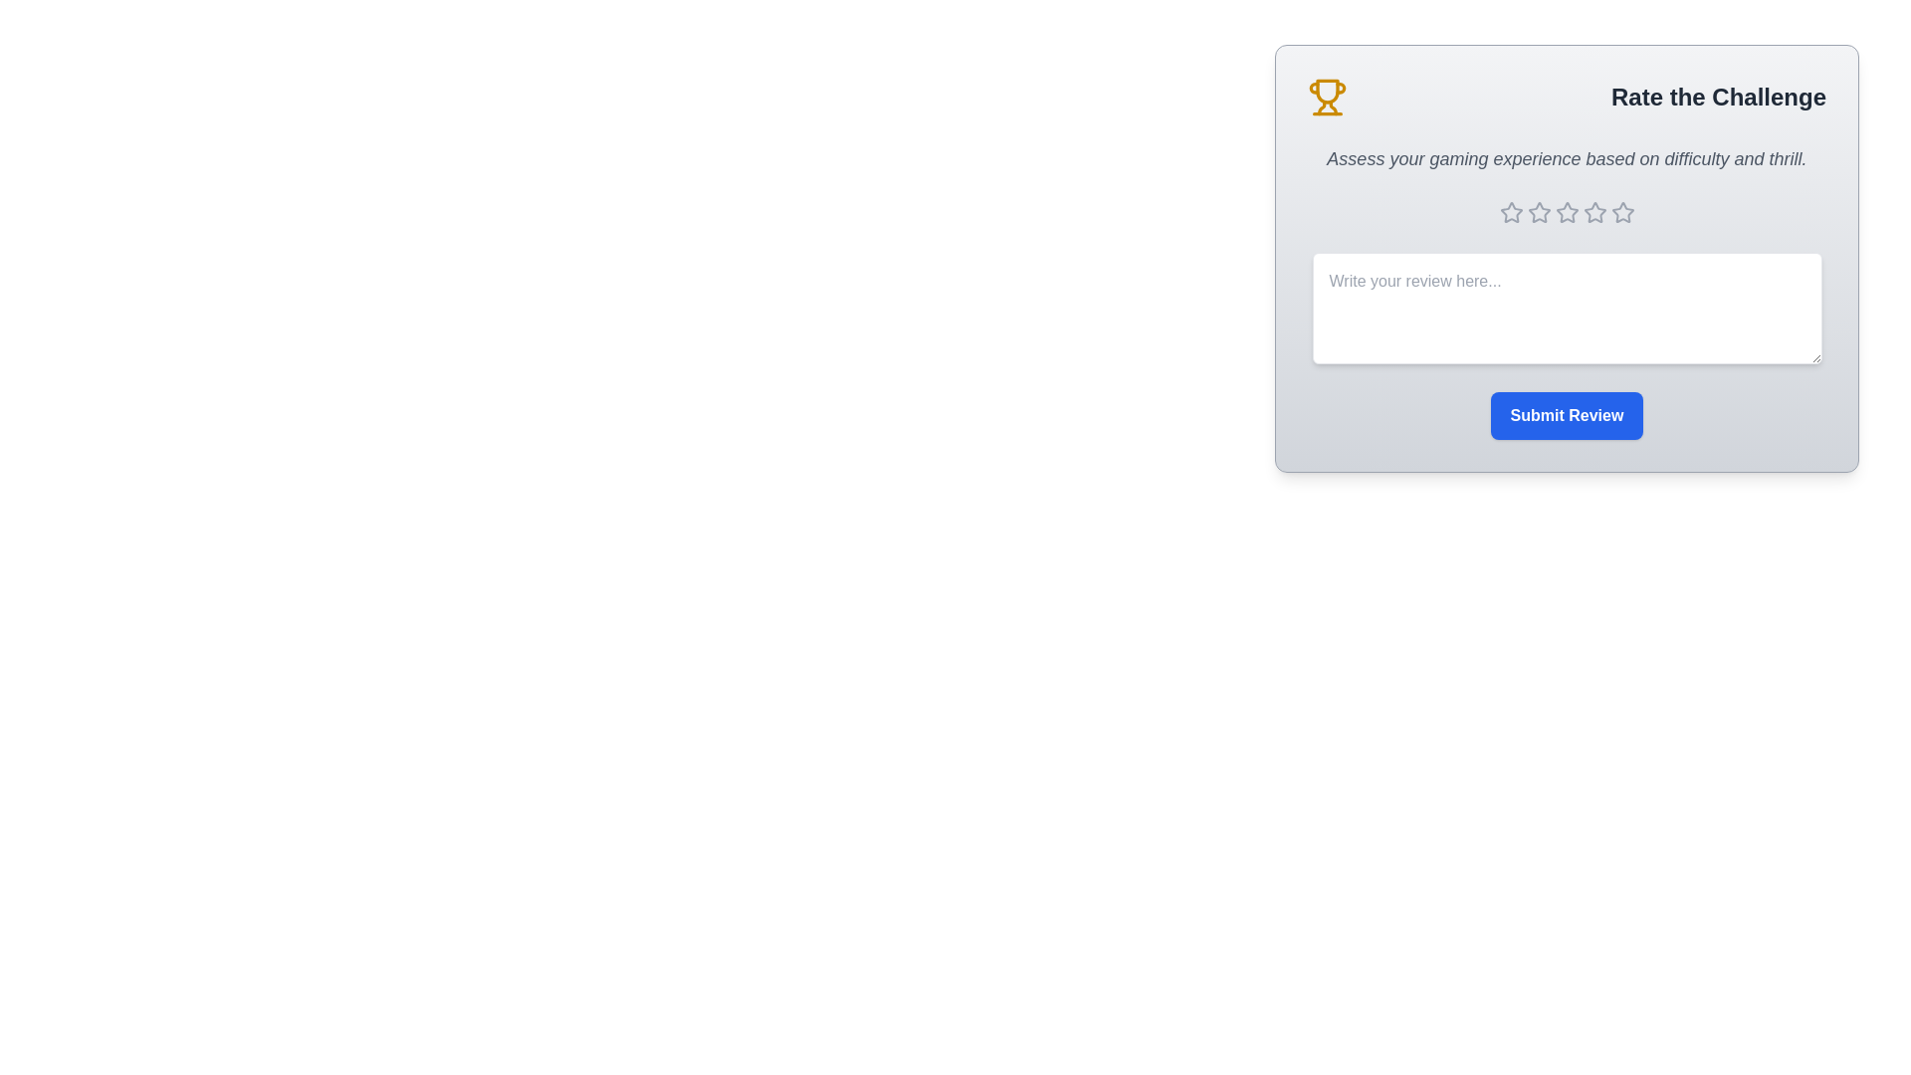 The width and height of the screenshot is (1911, 1075). Describe the element at coordinates (1538, 212) in the screenshot. I see `the star corresponding to the desired rating 2` at that location.